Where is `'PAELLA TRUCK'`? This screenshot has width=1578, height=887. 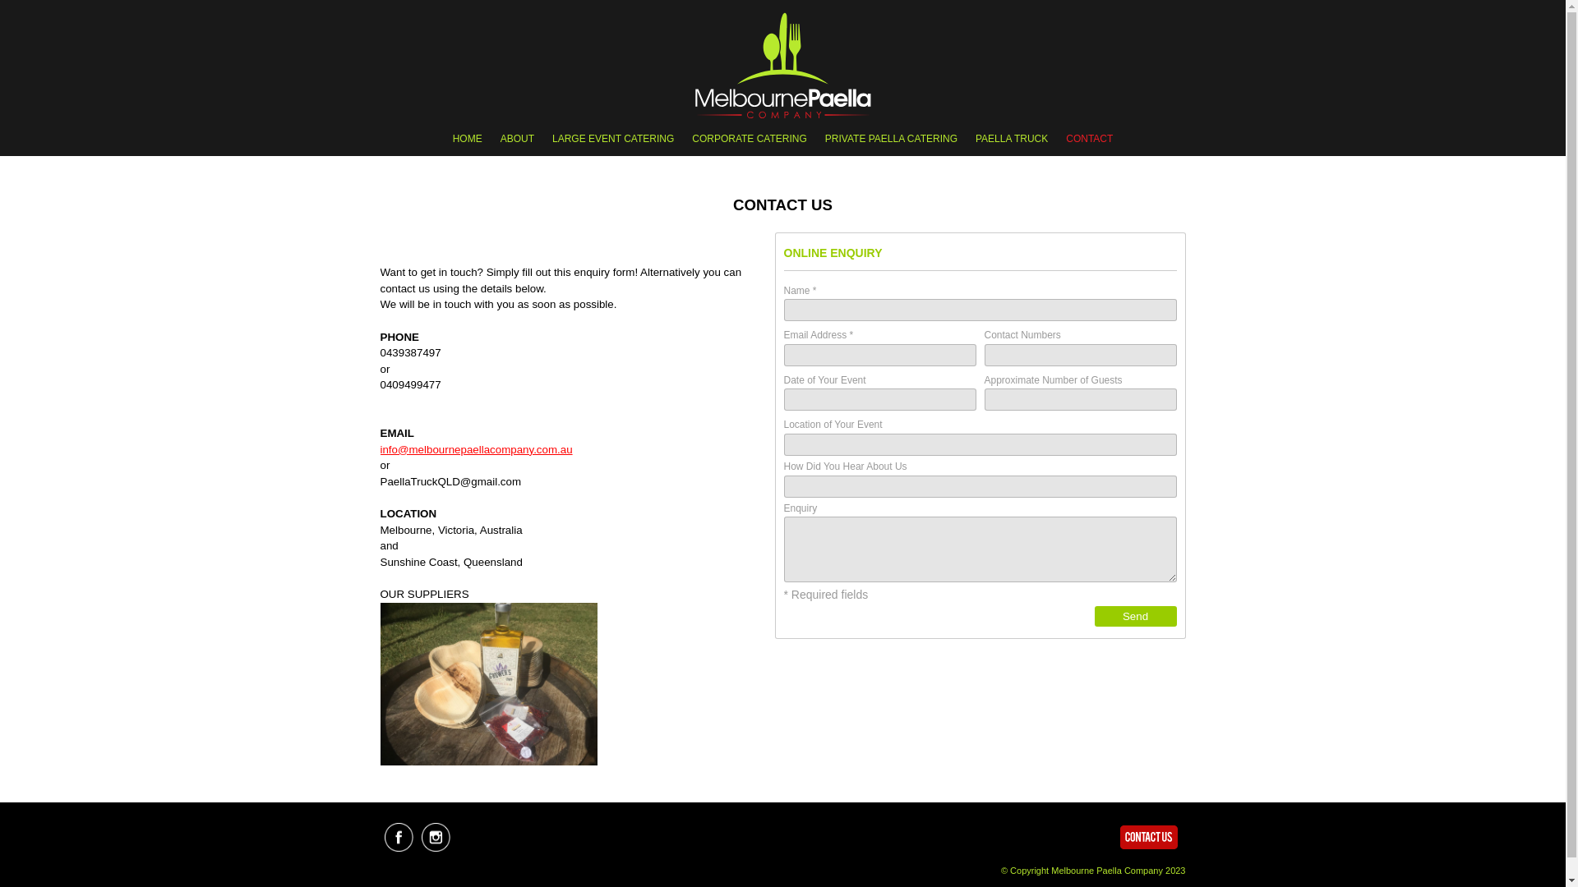
'PAELLA TRUCK' is located at coordinates (967, 138).